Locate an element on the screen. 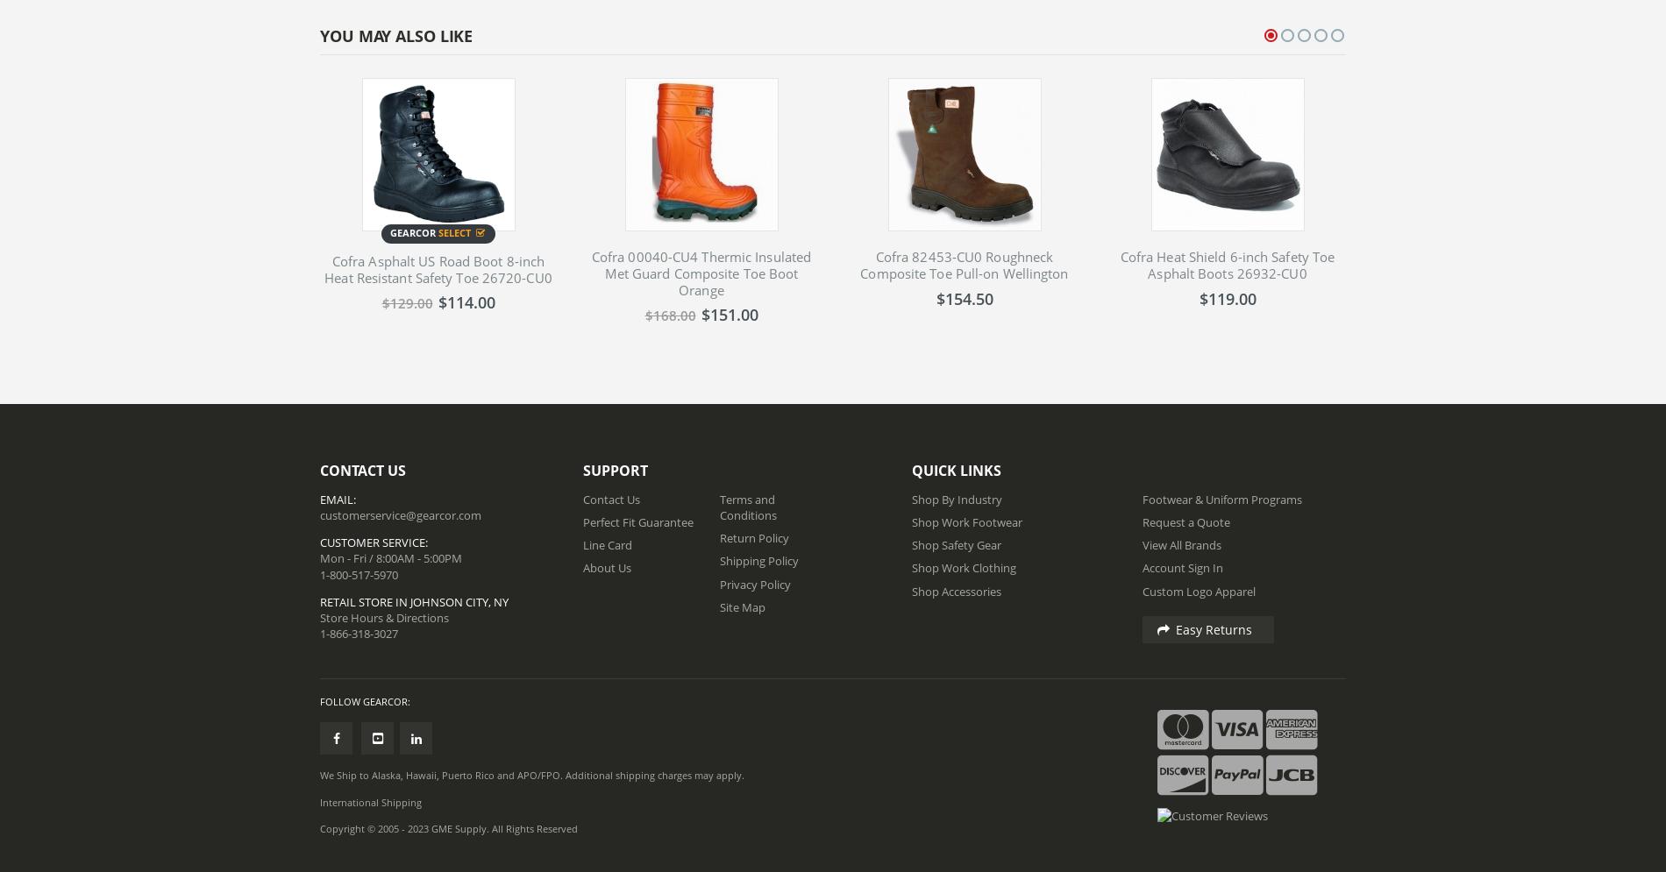 This screenshot has width=1666, height=872. 'to Alaska, Hawaii, Puerto Rico and APO/FPO. 
					Additional shipping charges may apply.' is located at coordinates (550, 773).